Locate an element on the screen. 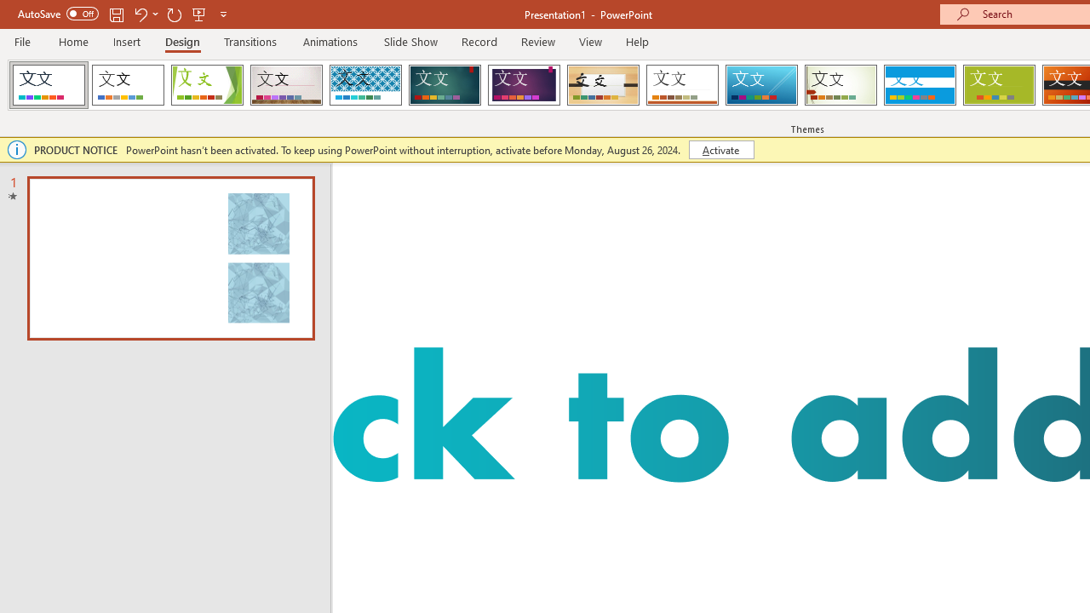 The height and width of the screenshot is (613, 1090). 'Basis' is located at coordinates (999, 85).